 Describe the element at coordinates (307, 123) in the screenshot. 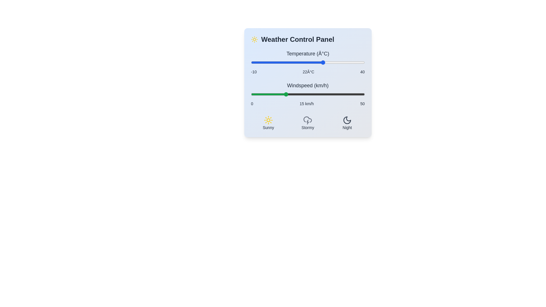

I see `the 'Stormy' weather condition option in the weather settings interface` at that location.